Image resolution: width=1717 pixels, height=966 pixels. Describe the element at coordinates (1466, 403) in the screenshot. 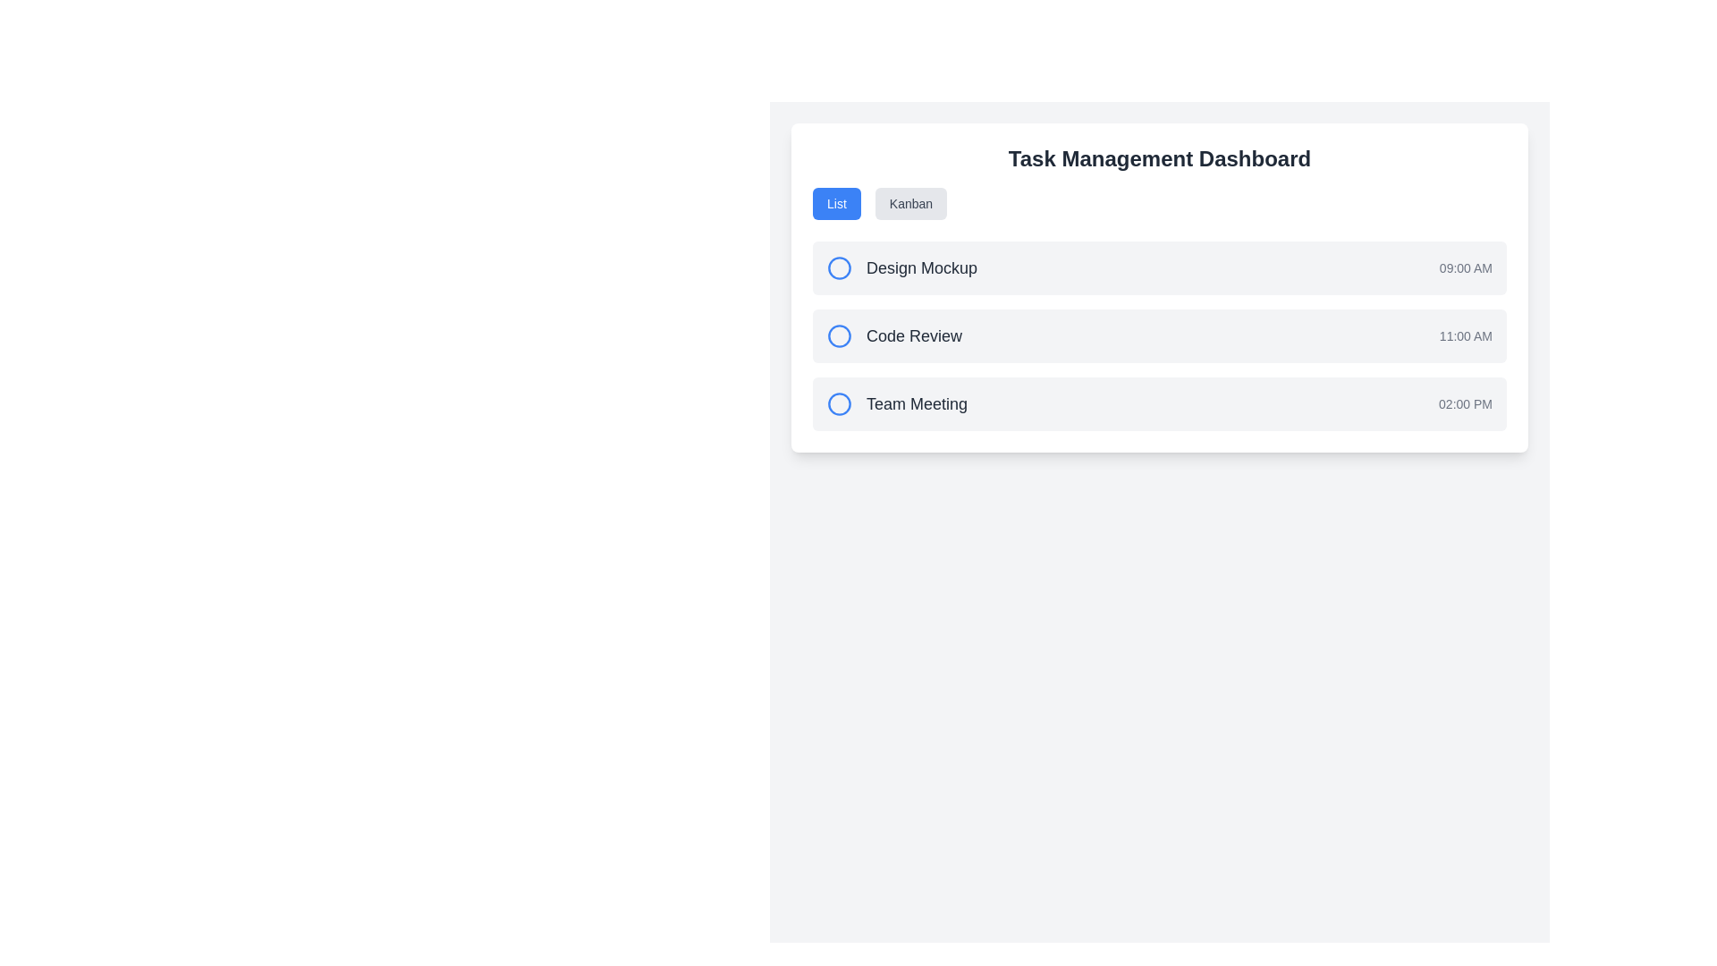

I see `the read-only text label indicating the time associated with the 'Team Meeting' event, located on the rightmost side of the third row` at that location.